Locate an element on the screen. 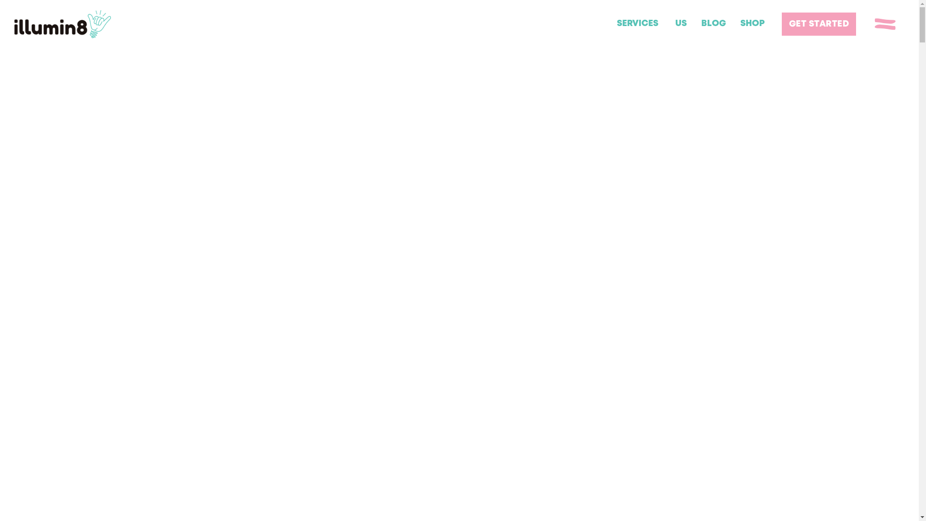 Image resolution: width=926 pixels, height=521 pixels. 'GET STARTED' is located at coordinates (781, 24).